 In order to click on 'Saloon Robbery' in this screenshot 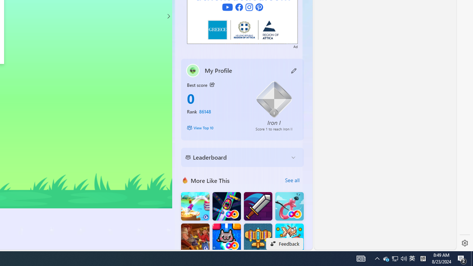, I will do `click(195, 238)`.